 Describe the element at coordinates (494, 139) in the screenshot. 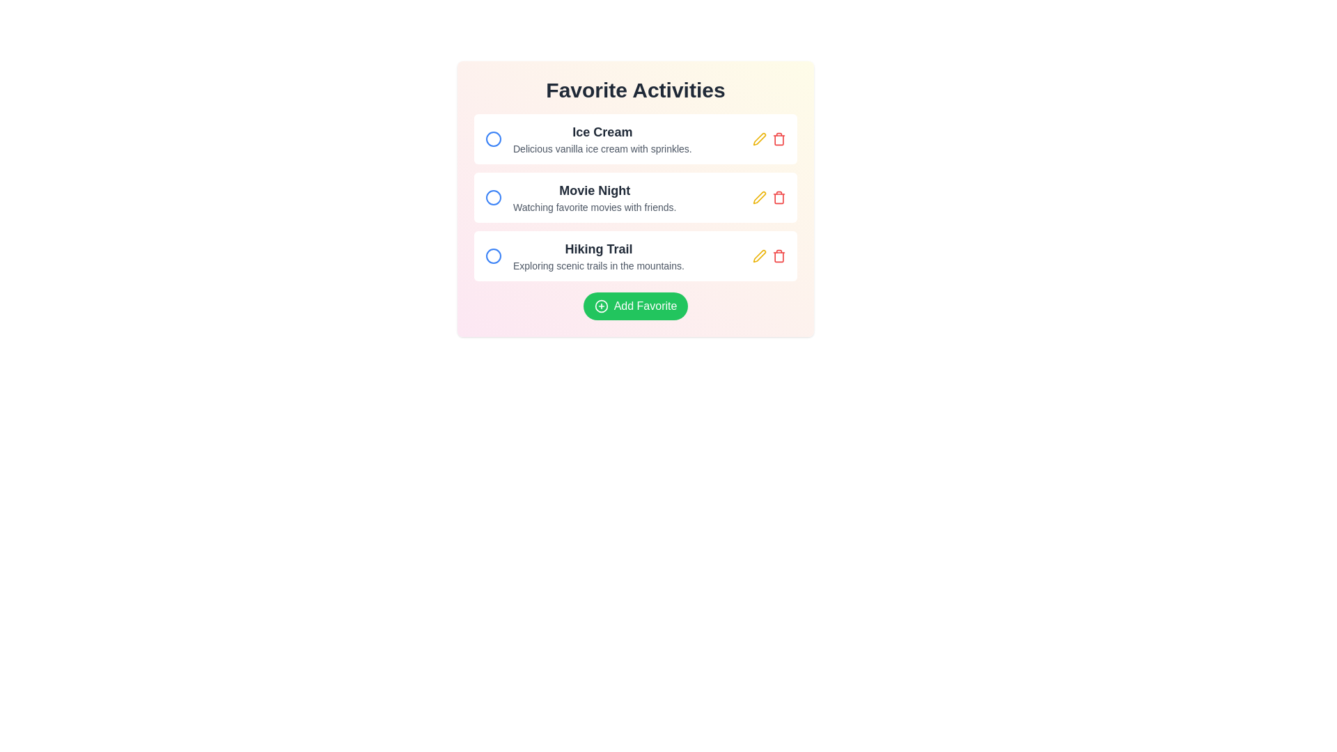

I see `the decorative icon linked to marking or selecting the 'Ice Cream' activity, located at the topmost section of the vertical list of activities` at that location.